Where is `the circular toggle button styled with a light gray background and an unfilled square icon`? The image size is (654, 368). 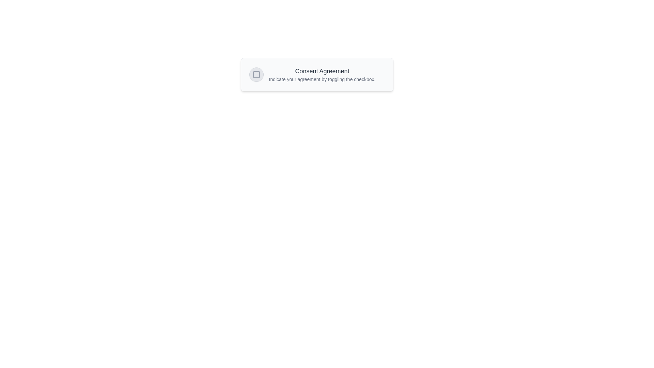 the circular toggle button styled with a light gray background and an unfilled square icon is located at coordinates (256, 75).